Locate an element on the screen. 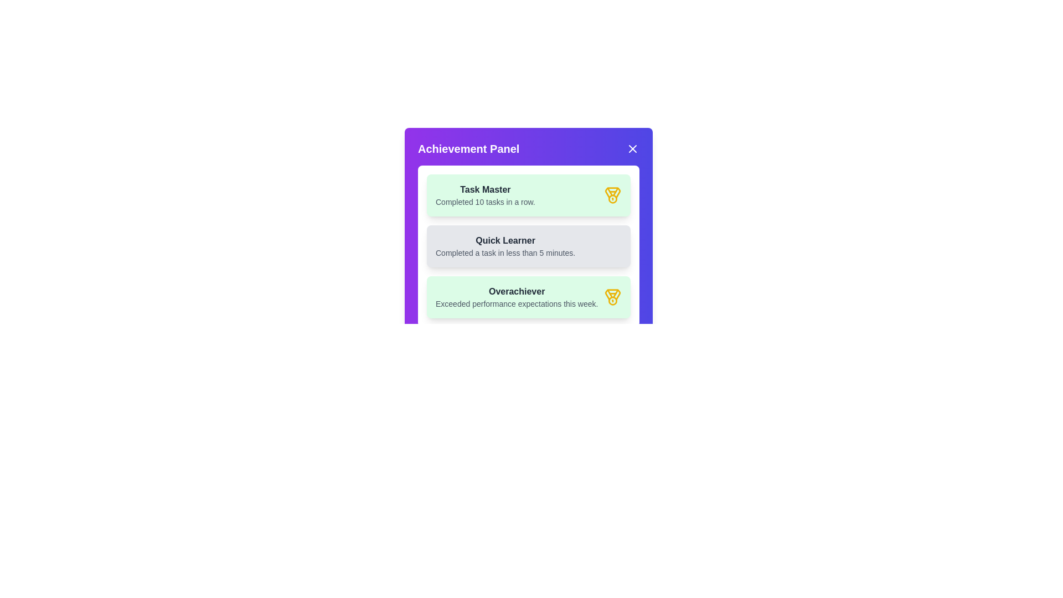 The width and height of the screenshot is (1063, 598). the Close button (X-shaped icon) located in the top-right corner of the Achievement Panel is located at coordinates (632, 148).